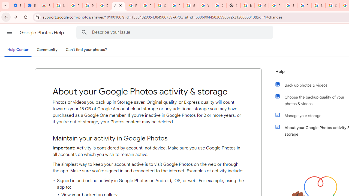 The height and width of the screenshot is (196, 349). Describe the element at coordinates (46, 5) in the screenshot. I see `'Reviews: Helix Fruit Jump Arcade Game'` at that location.